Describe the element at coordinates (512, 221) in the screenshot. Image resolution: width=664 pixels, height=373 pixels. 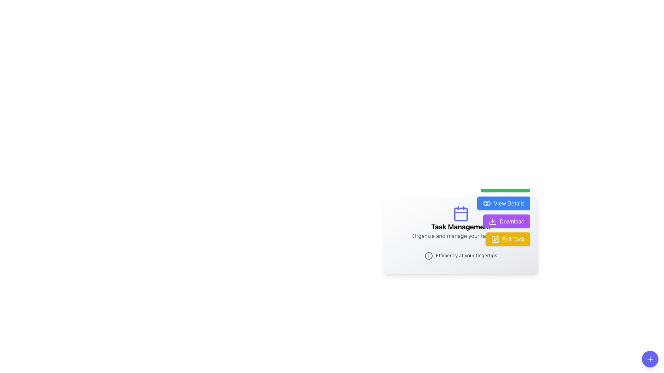
I see `the Text Component that labels the 'Download' button, which is styled as a purple button located in the lower-left corner of the interface` at that location.